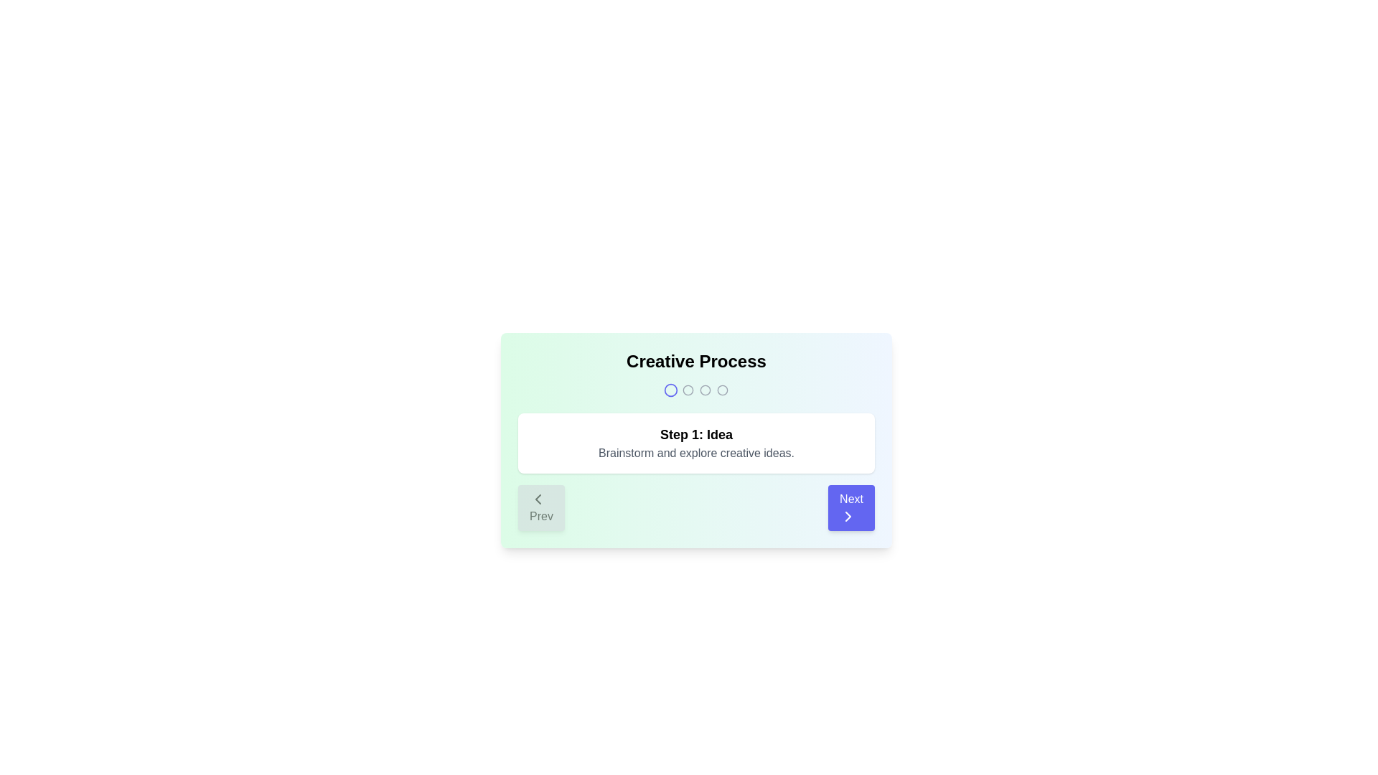  Describe the element at coordinates (850, 507) in the screenshot. I see `'Next' button to navigate to the next step in the JourneyStepper component` at that location.